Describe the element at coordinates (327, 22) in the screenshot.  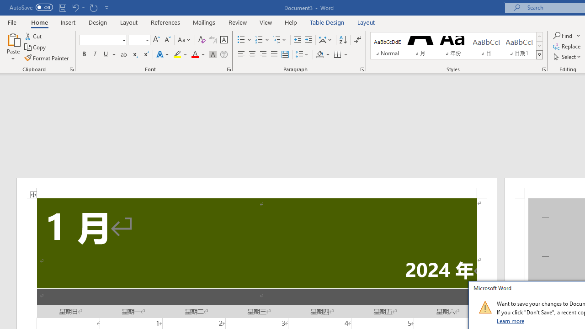
I see `'Table Design'` at that location.